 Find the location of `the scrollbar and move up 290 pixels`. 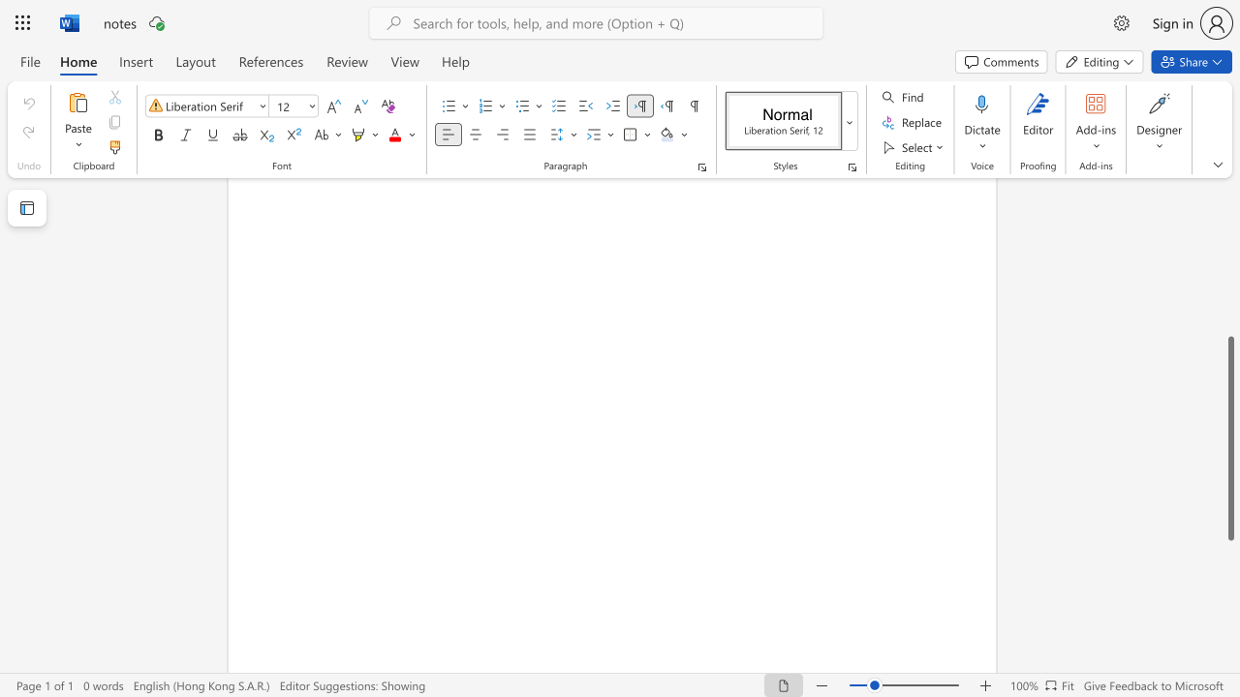

the scrollbar and move up 290 pixels is located at coordinates (1229, 439).